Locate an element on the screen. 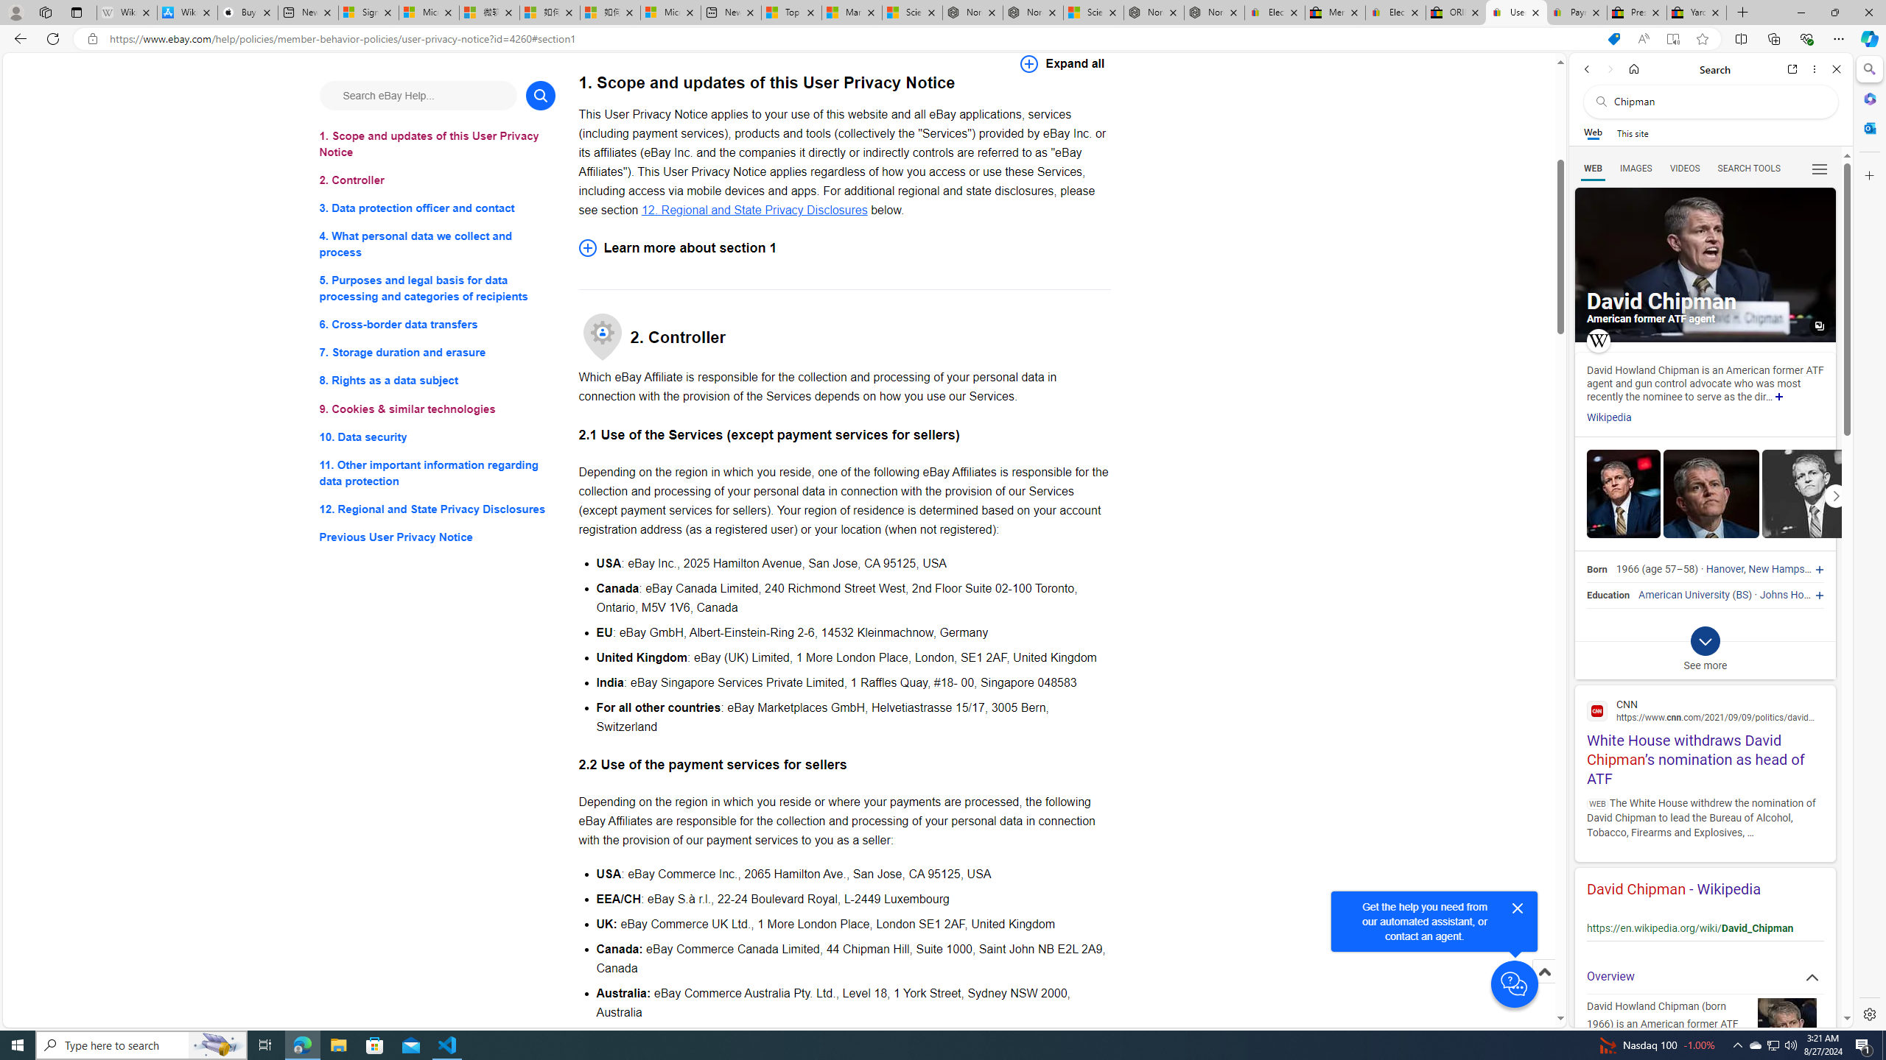 The width and height of the screenshot is (1886, 1060). '10. Data security' is located at coordinates (436, 437).